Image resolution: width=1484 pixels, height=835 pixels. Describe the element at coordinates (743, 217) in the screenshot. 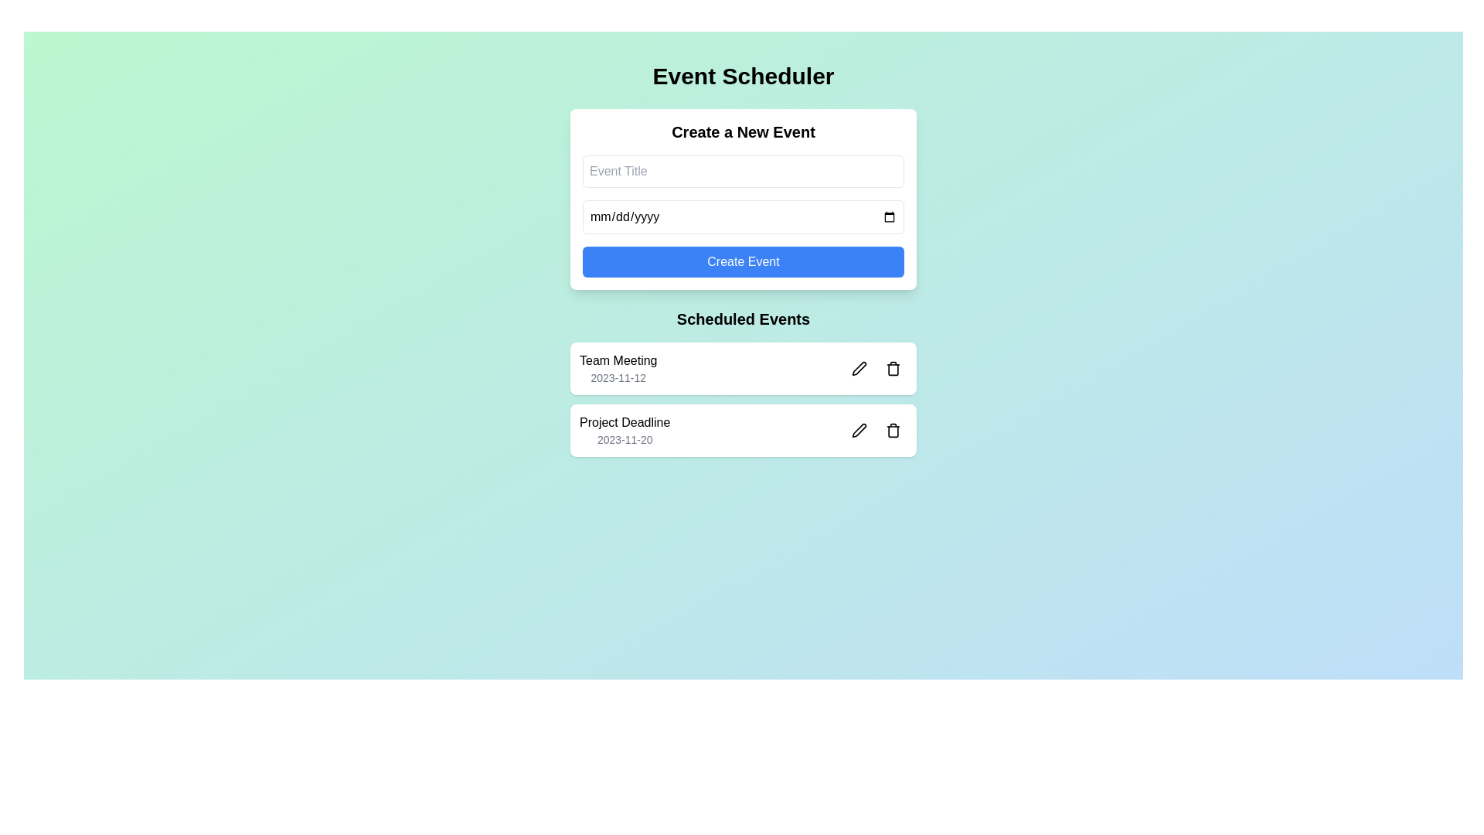

I see `the Date input field located within the 'Create a New Event' section to focus on it` at that location.